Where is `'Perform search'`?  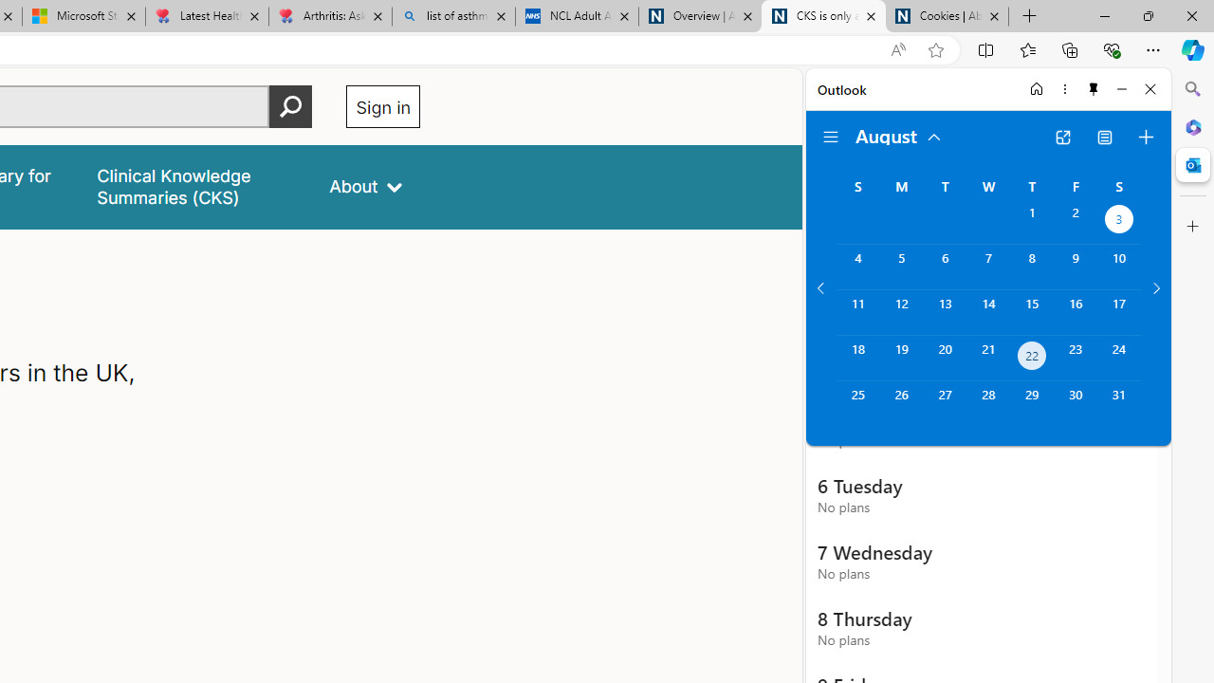
'Perform search' is located at coordinates (290, 106).